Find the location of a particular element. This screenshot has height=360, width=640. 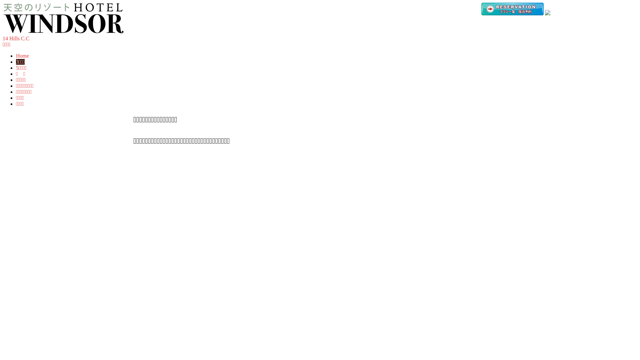

'14 Hills C.C' is located at coordinates (16, 38).